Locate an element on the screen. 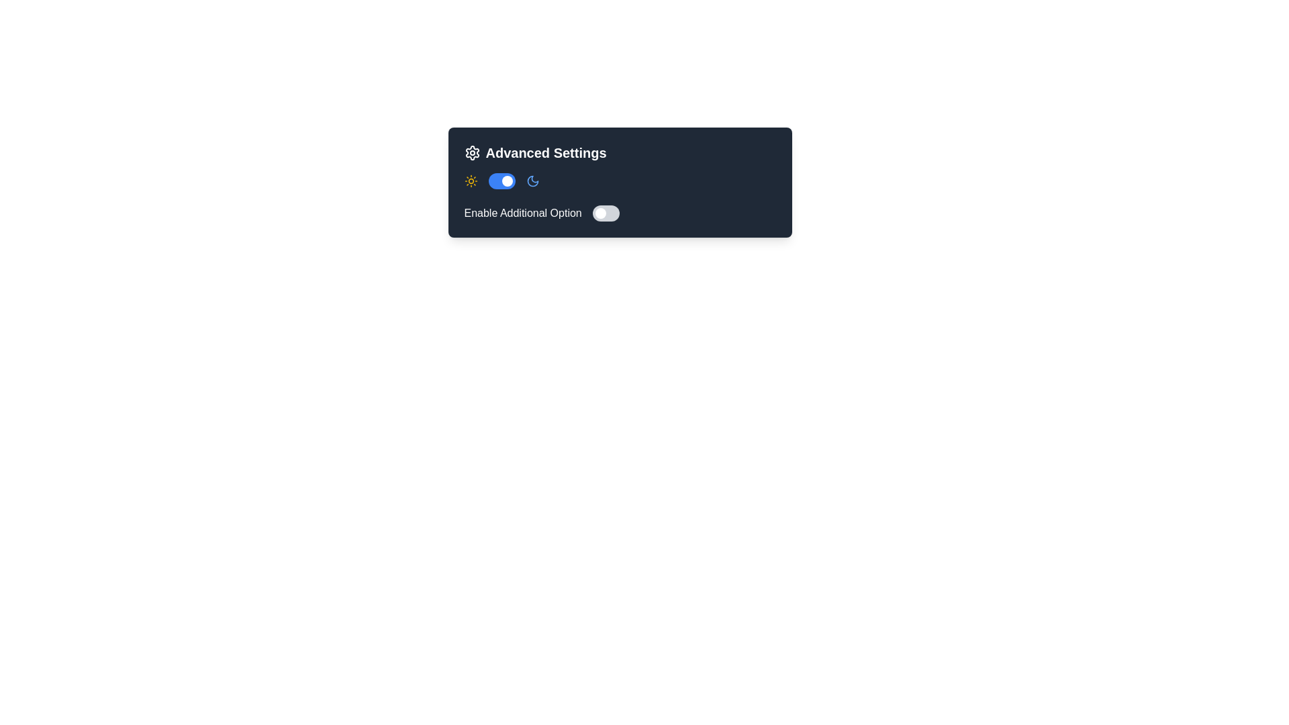 The height and width of the screenshot is (725, 1289). the sun icon in the settings panel, which represents light mode or daytime settings is located at coordinates (471, 181).